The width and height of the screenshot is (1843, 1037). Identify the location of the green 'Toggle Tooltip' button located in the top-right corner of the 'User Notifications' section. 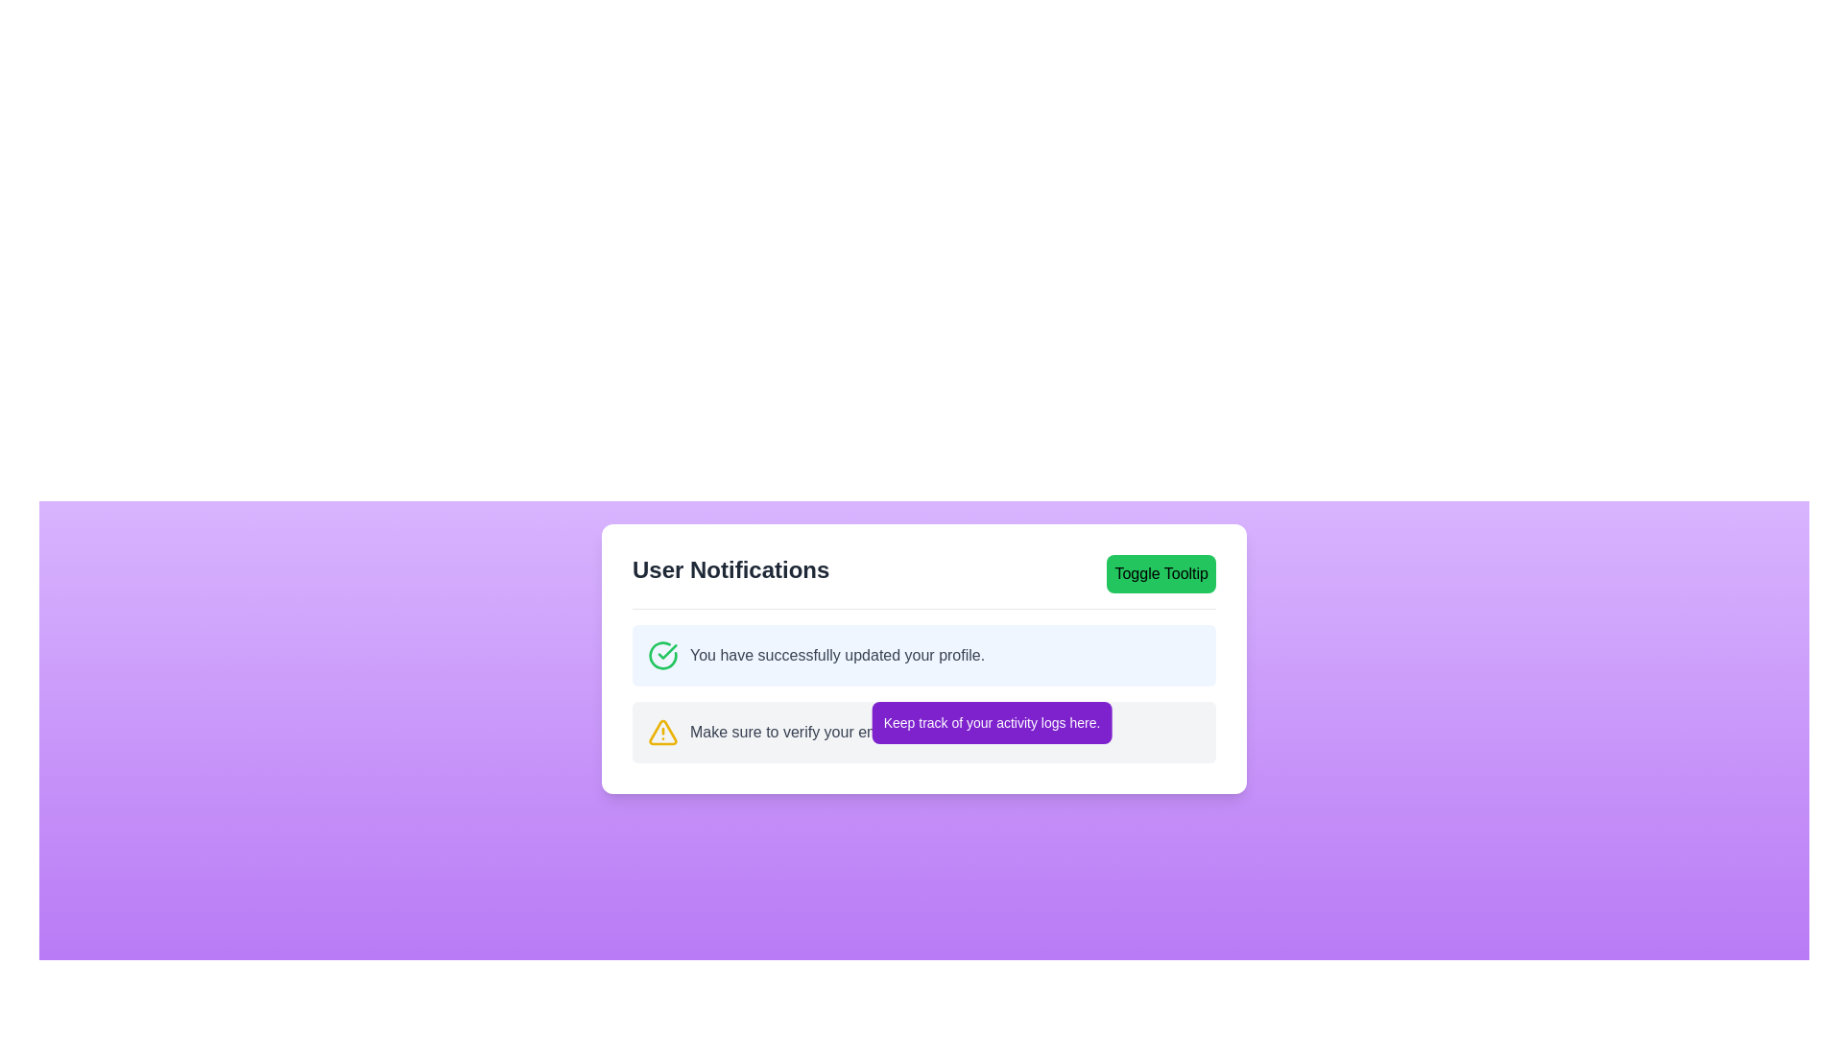
(1161, 572).